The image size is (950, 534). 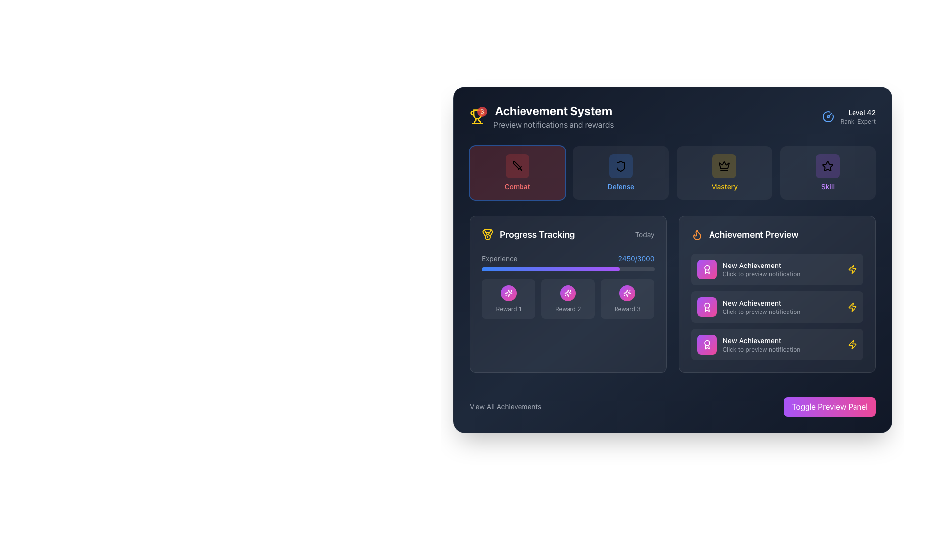 I want to click on the decorative Icon (SVG) indicating a special feature, located at the bottom right quadrant of the interface, so click(x=509, y=293).